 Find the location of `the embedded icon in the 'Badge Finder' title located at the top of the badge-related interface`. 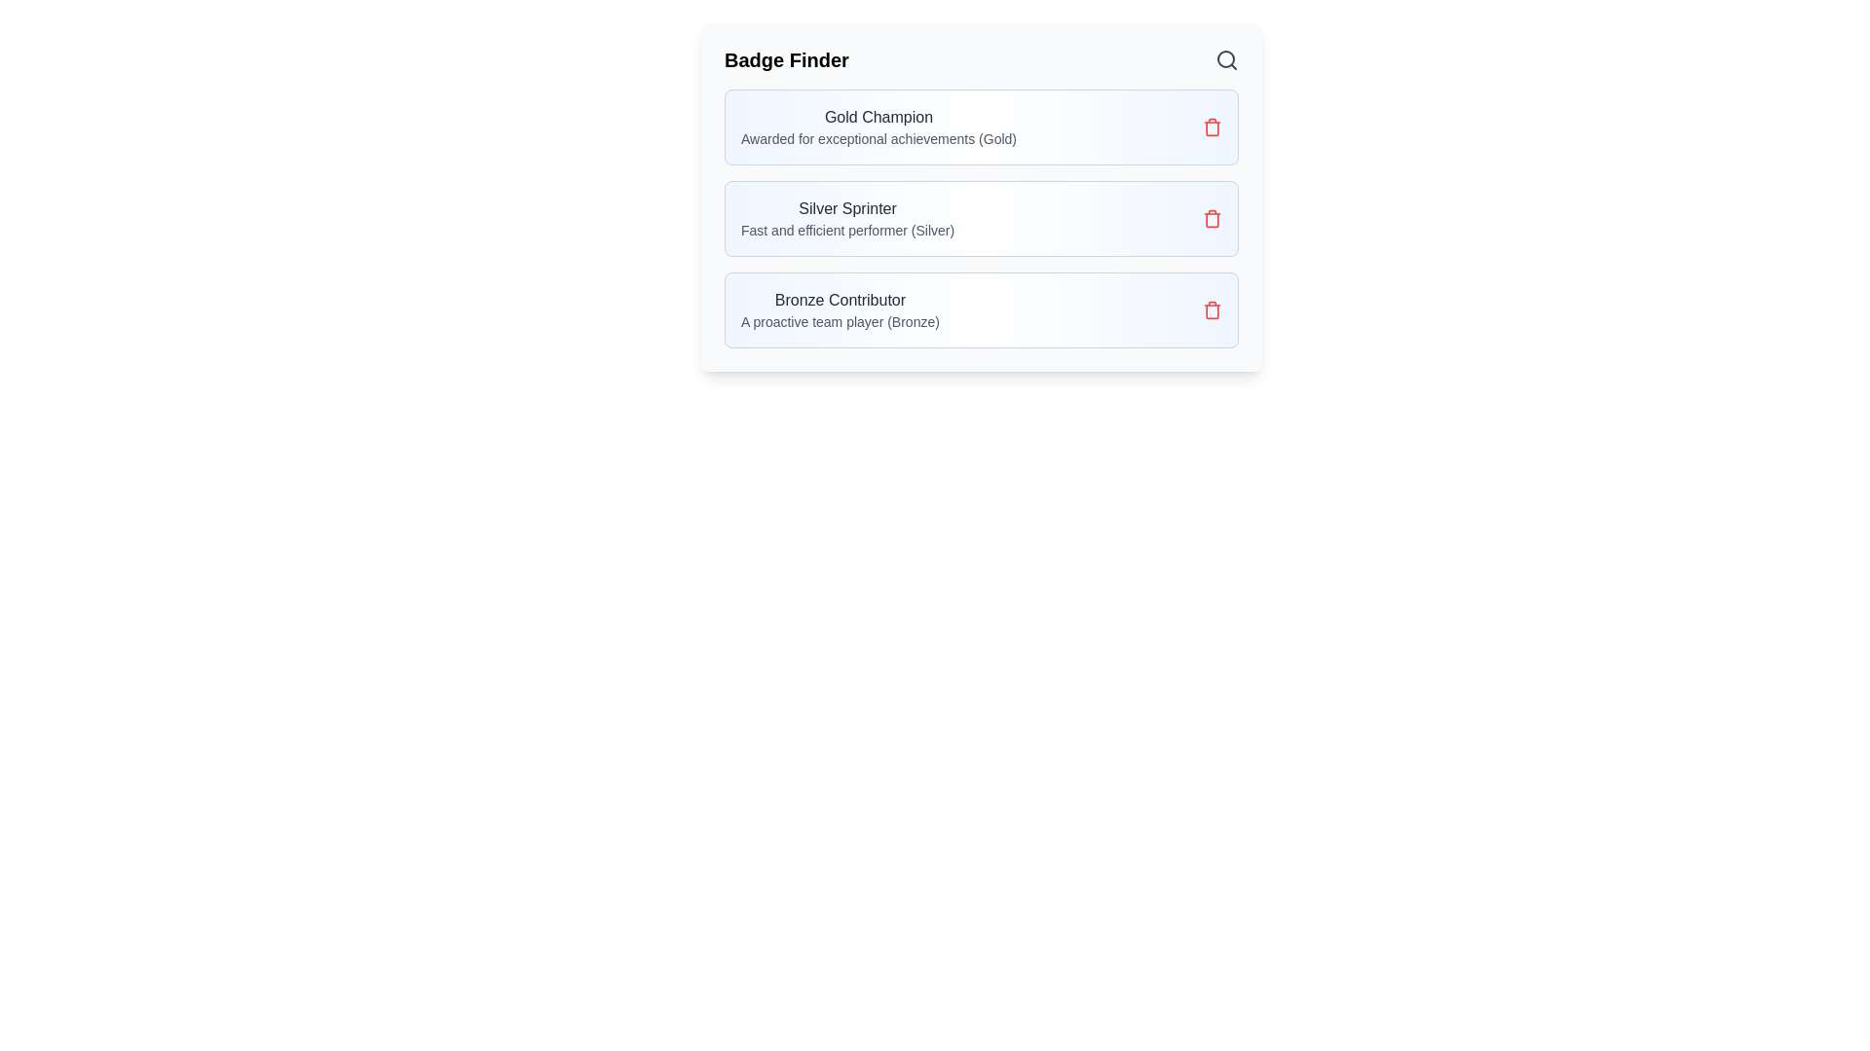

the embedded icon in the 'Badge Finder' title located at the top of the badge-related interface is located at coordinates (982, 58).